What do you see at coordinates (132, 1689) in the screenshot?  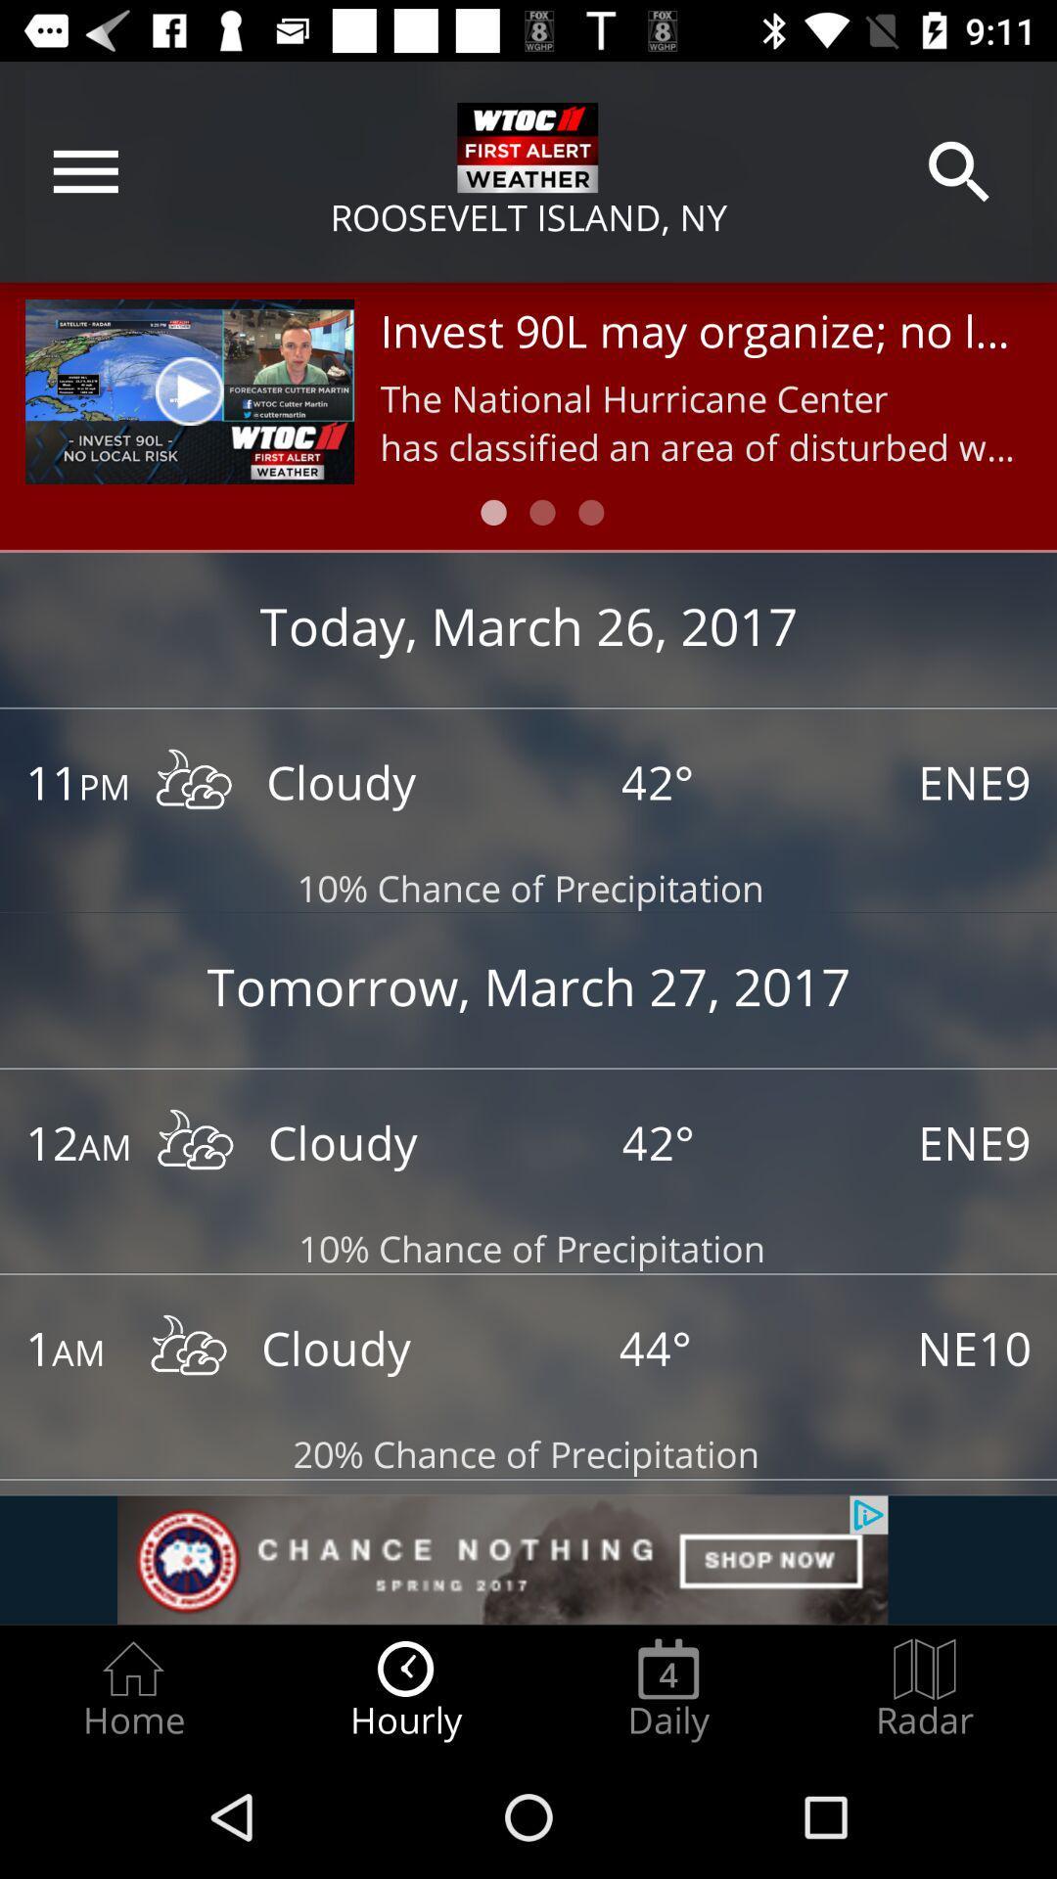 I see `item to the left of the hourly radio button` at bounding box center [132, 1689].